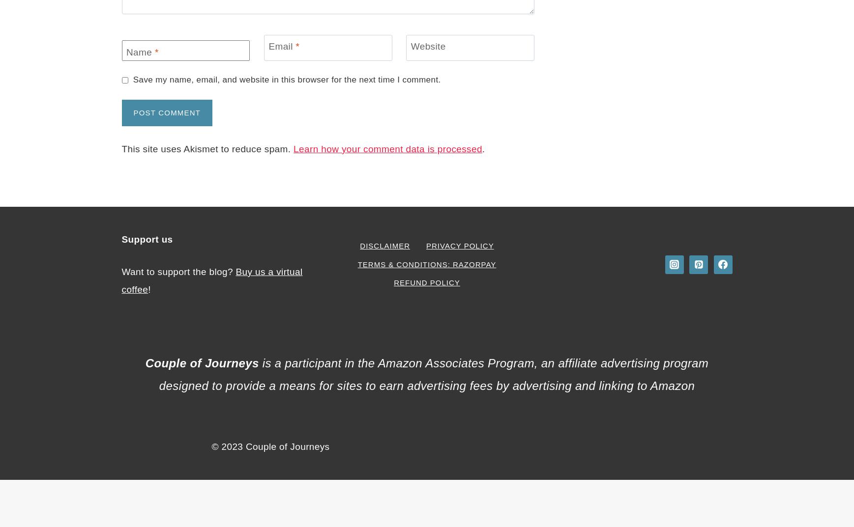  Describe the element at coordinates (201, 362) in the screenshot. I see `'Couple of Journeys'` at that location.